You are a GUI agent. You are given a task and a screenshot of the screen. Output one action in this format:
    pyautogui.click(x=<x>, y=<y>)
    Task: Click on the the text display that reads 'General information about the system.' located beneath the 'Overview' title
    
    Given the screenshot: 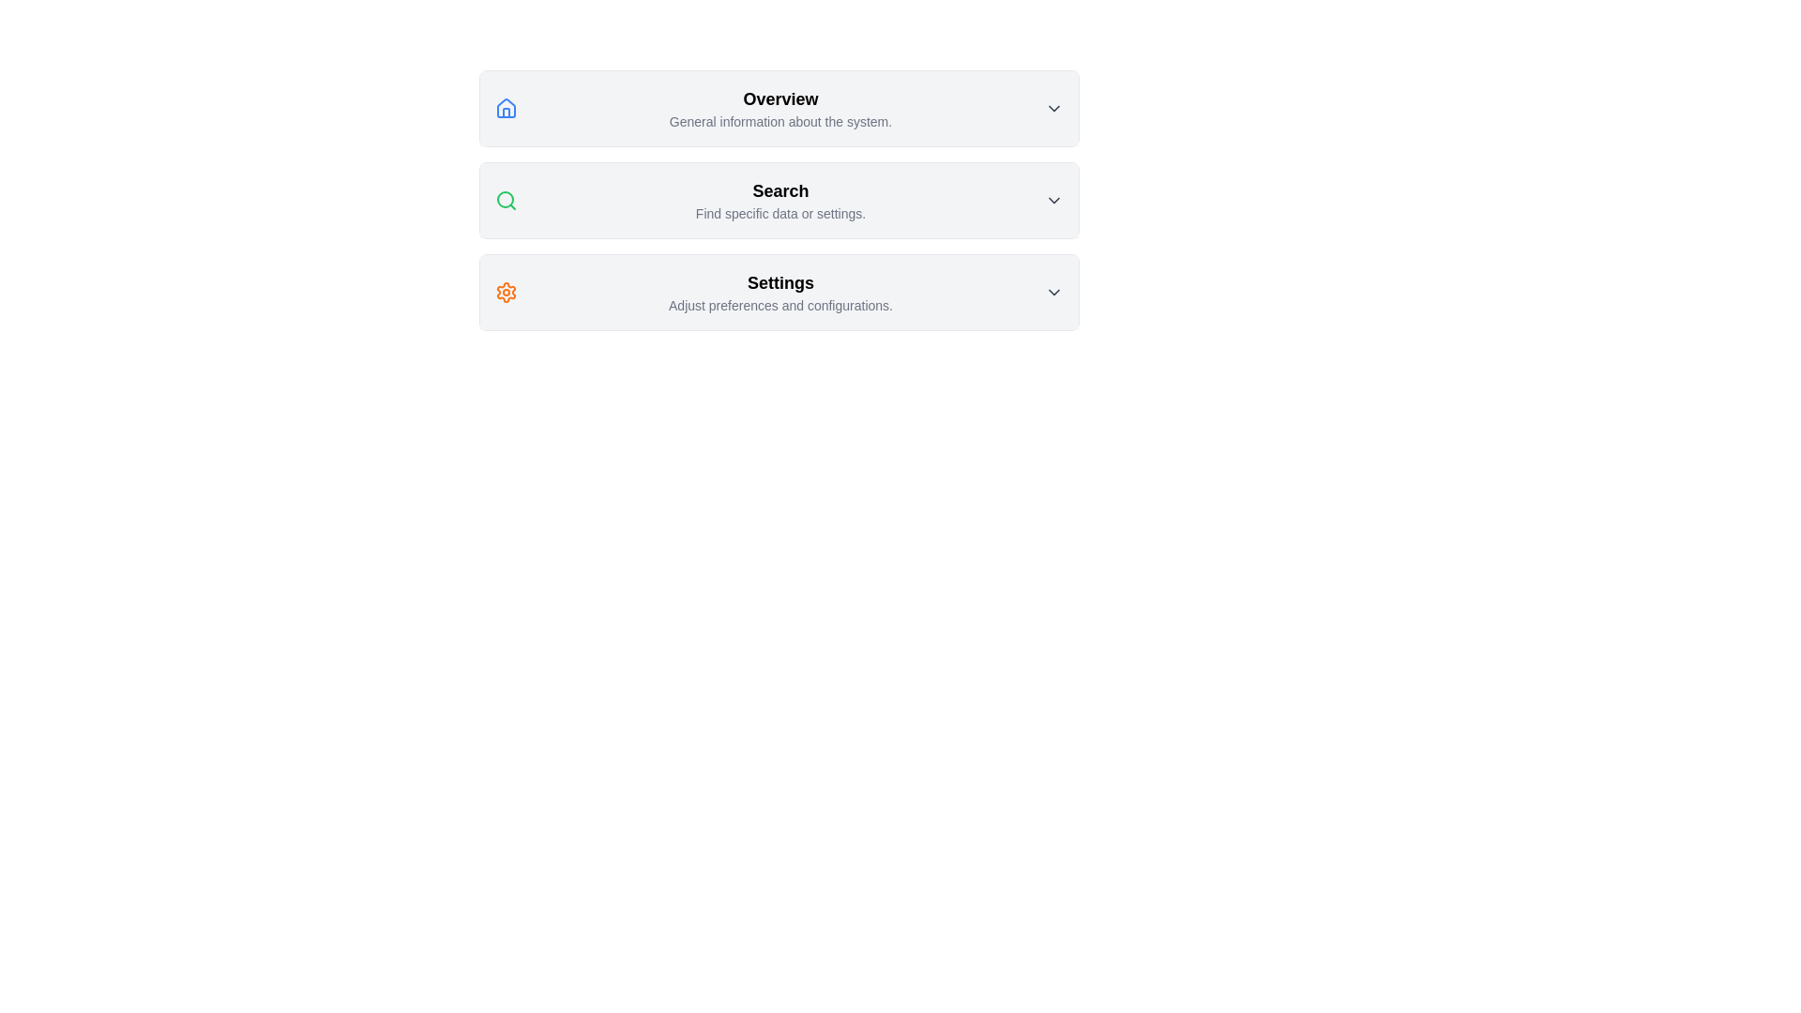 What is the action you would take?
    pyautogui.click(x=780, y=122)
    